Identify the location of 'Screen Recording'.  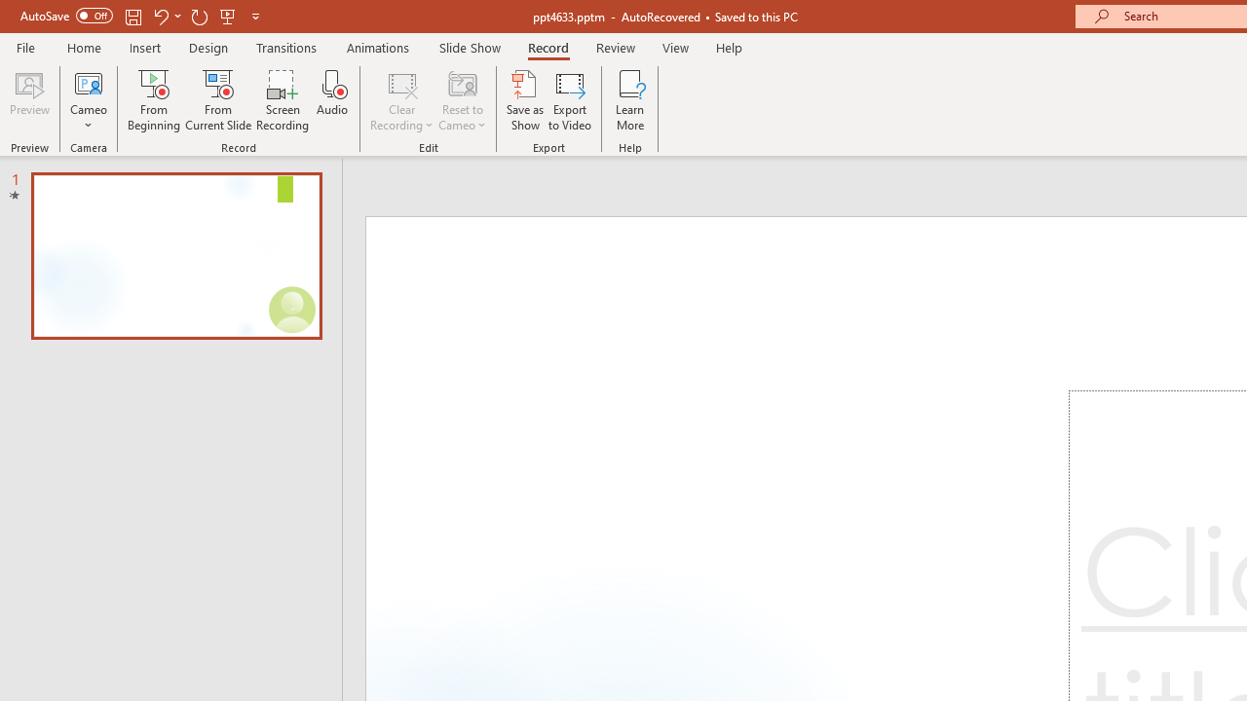
(282, 100).